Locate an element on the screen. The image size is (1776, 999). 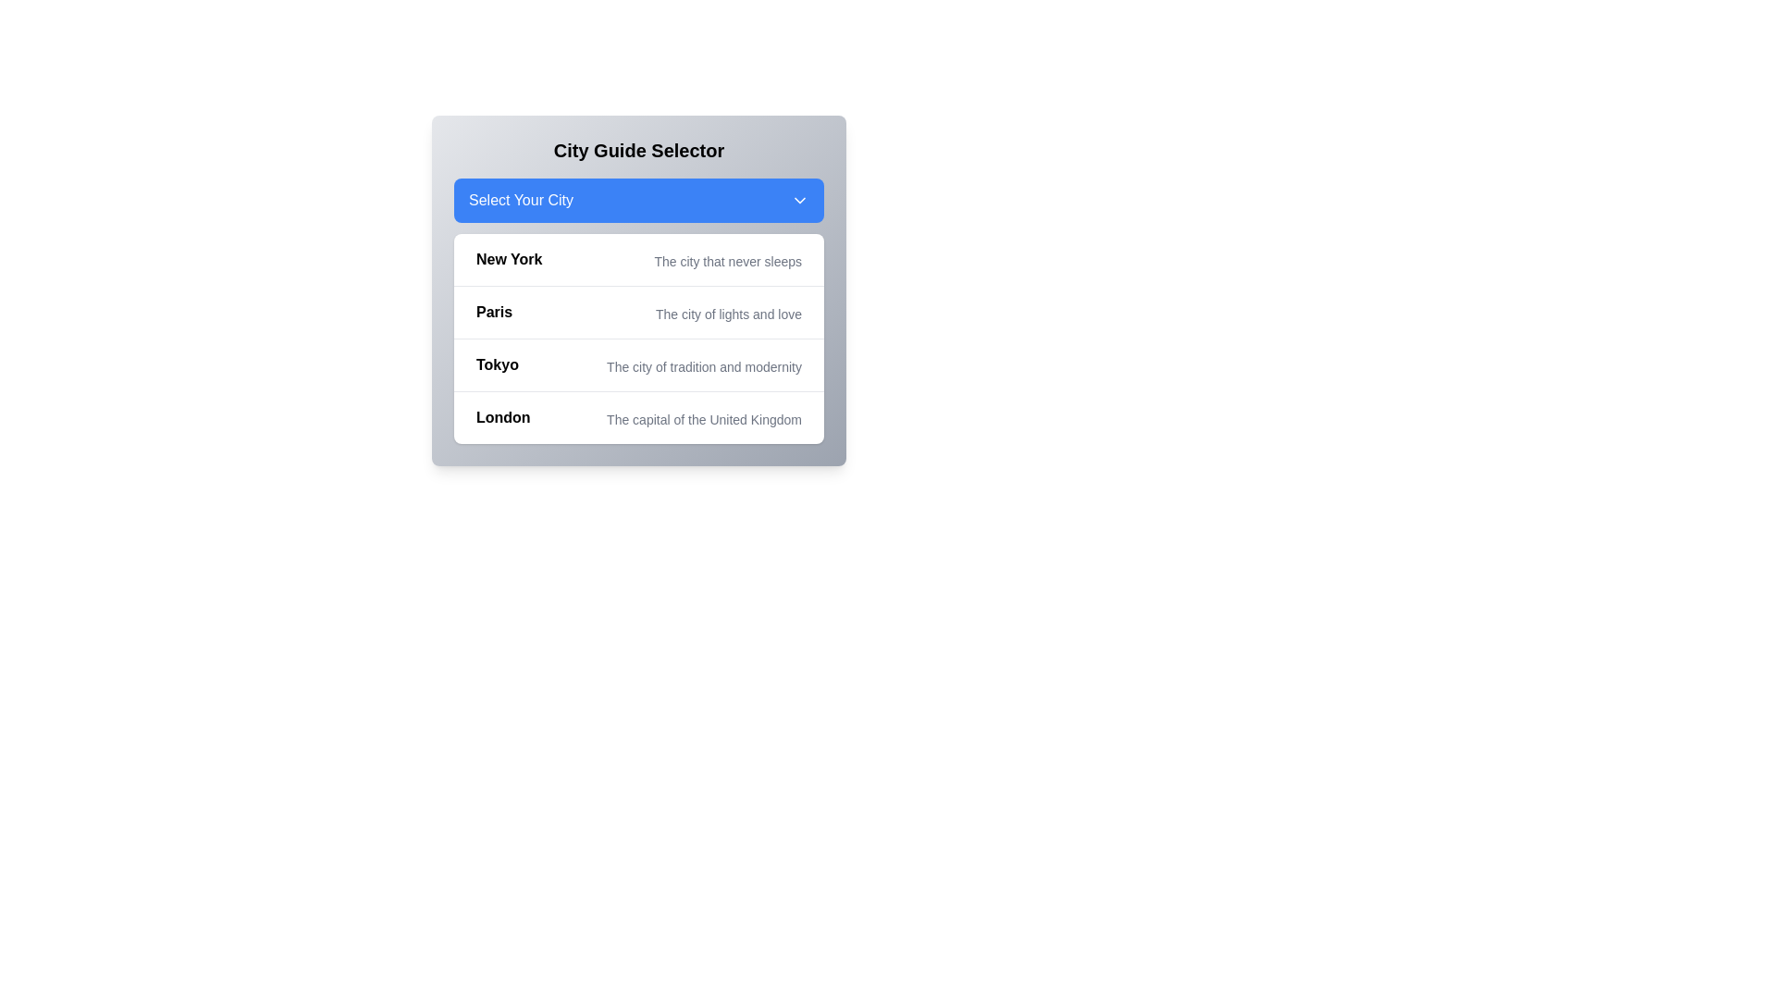
the Text Label for the city option 'Paris' located in the dropdown selection interface, positioned under 'Select Your City' is located at coordinates (494, 312).